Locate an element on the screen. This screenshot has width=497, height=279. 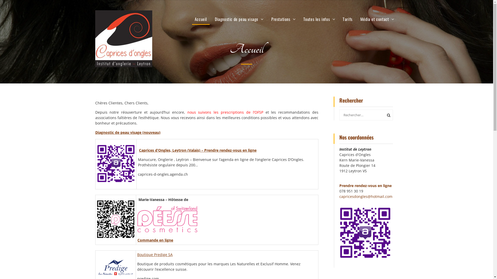
'Diagnostic de peau visage' is located at coordinates (239, 19).